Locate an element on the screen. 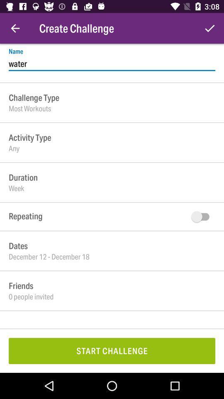 This screenshot has width=224, height=399. turn off on is located at coordinates (202, 216).